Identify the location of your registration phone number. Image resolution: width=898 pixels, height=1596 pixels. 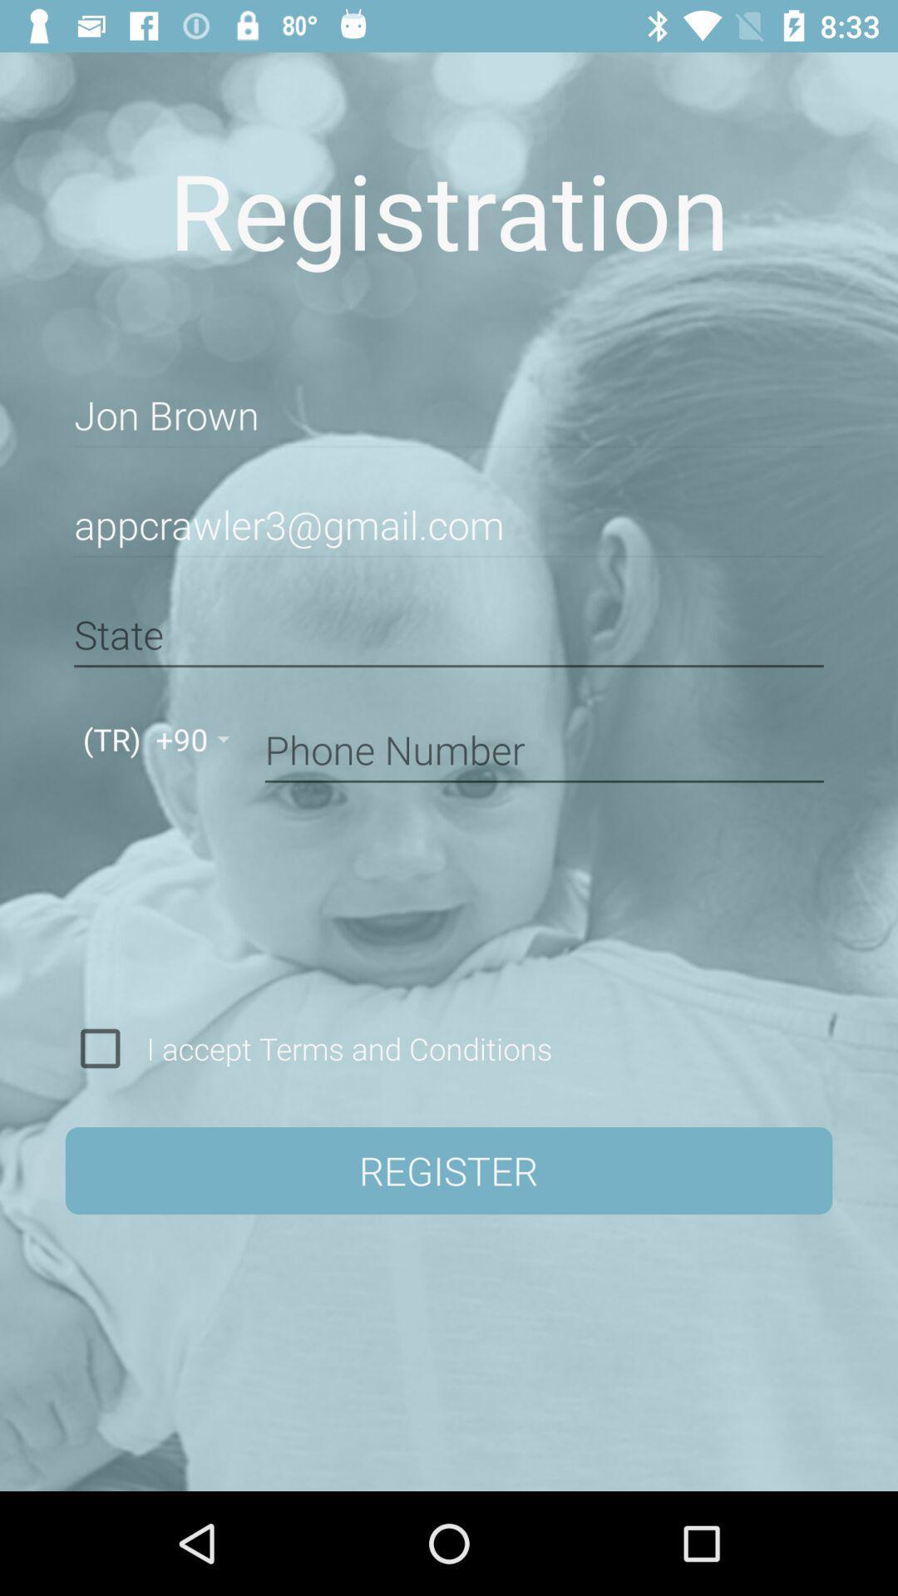
(544, 746).